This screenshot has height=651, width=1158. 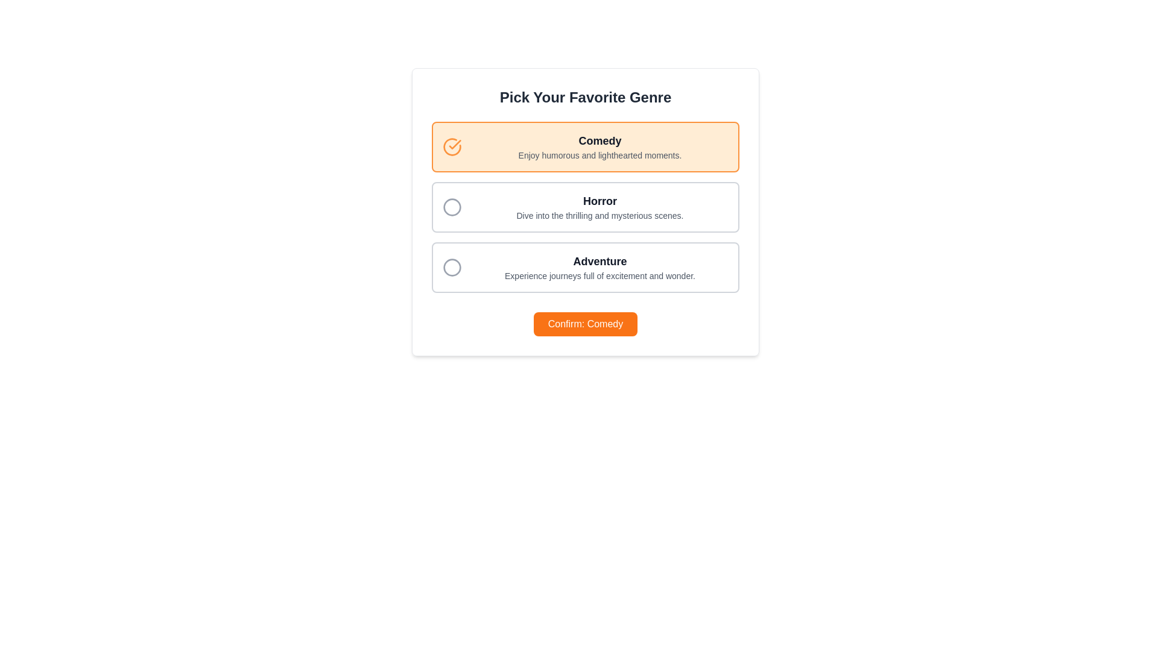 What do you see at coordinates (600, 155) in the screenshot?
I see `the text label displaying 'Enjoy humorous and lighthearted moments.' located centrally below the 'Comedy' header` at bounding box center [600, 155].